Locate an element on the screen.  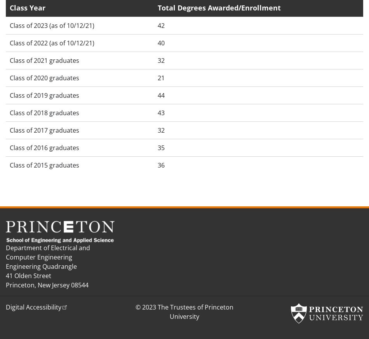
'41 Olden Street' is located at coordinates (28, 275).